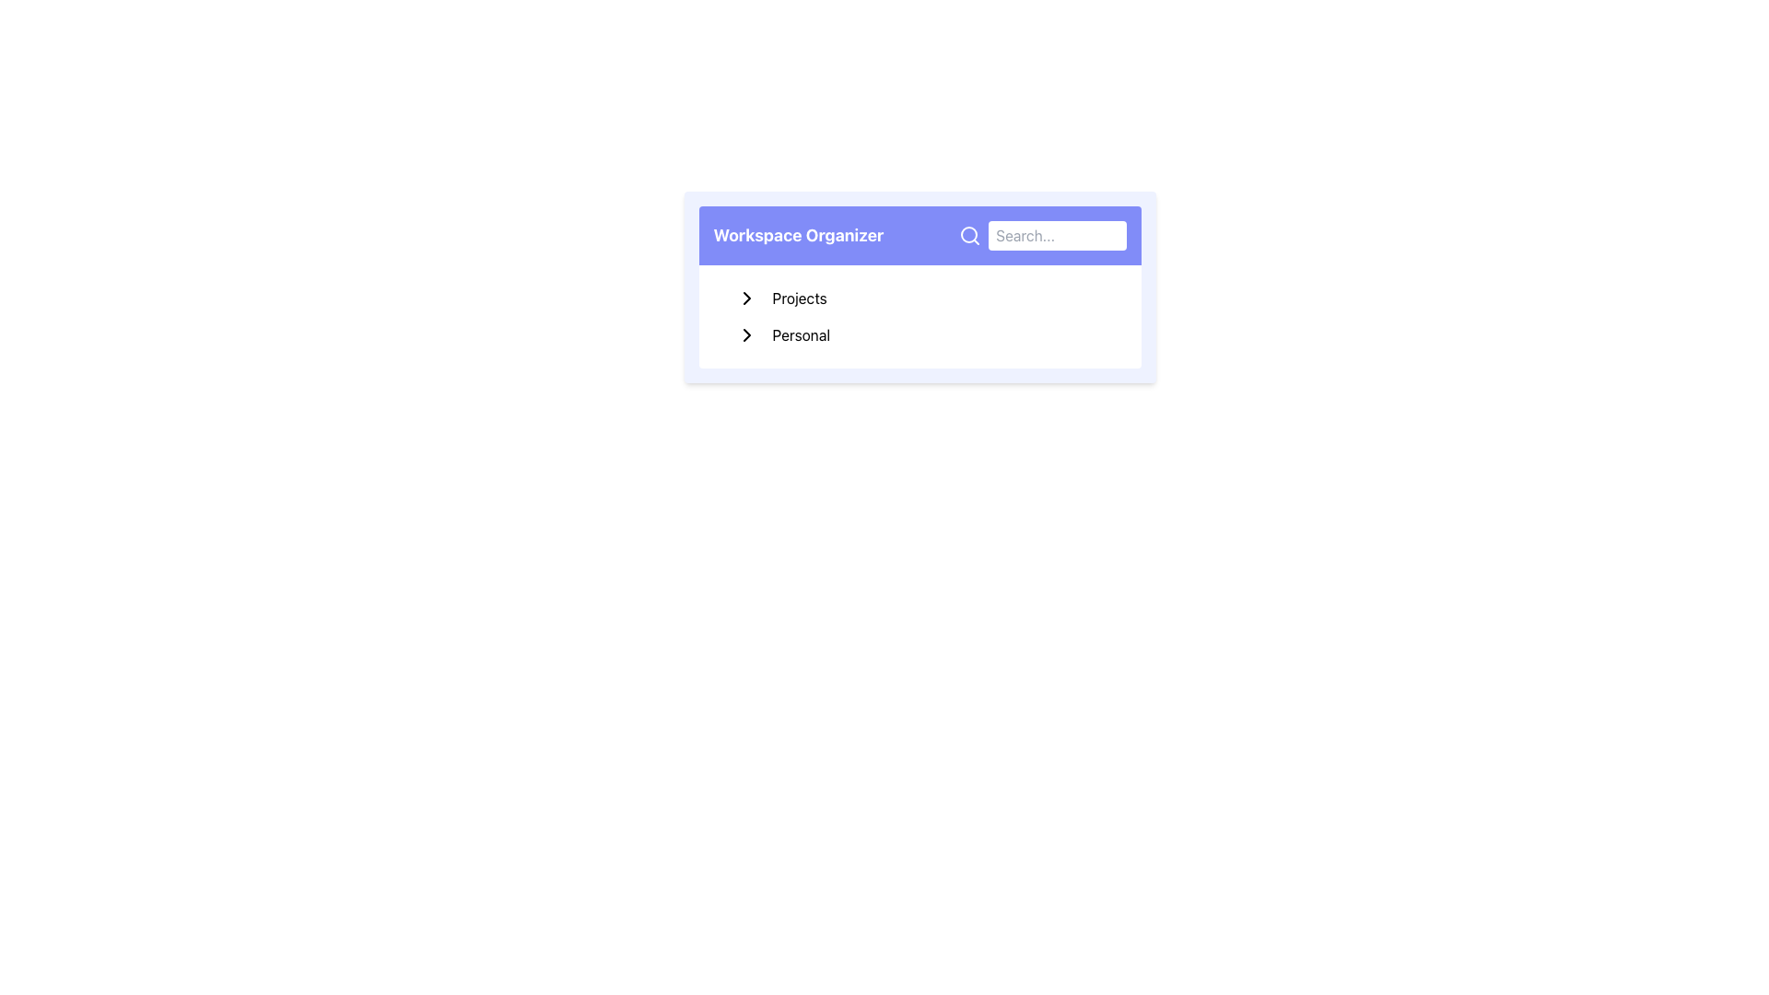 The height and width of the screenshot is (995, 1769). I want to click on the first entry under the 'Projects' navigation section, so click(927, 298).